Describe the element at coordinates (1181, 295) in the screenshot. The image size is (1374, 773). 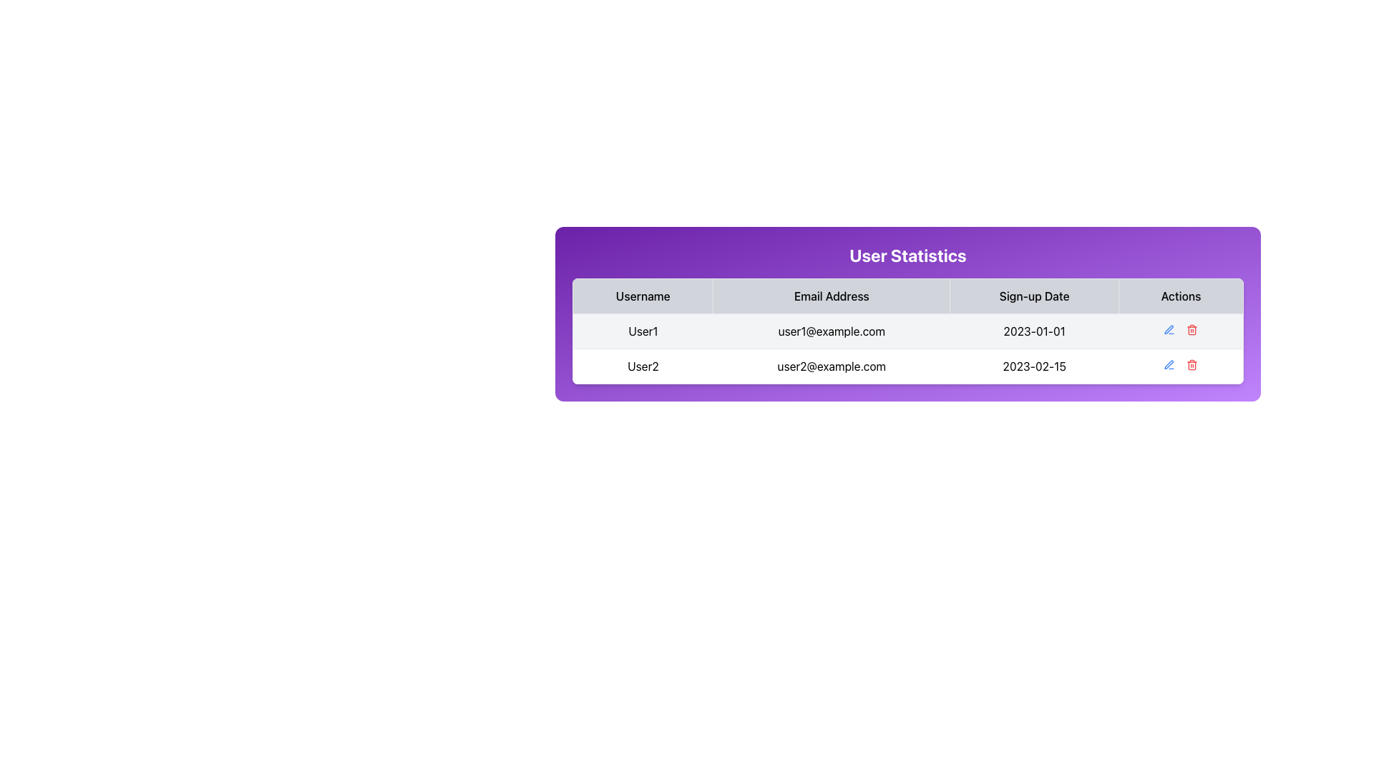
I see `the text label that serves as the header for the column in the table, located on the far-right of the header adjacent to the 'Sign-up Date' header` at that location.